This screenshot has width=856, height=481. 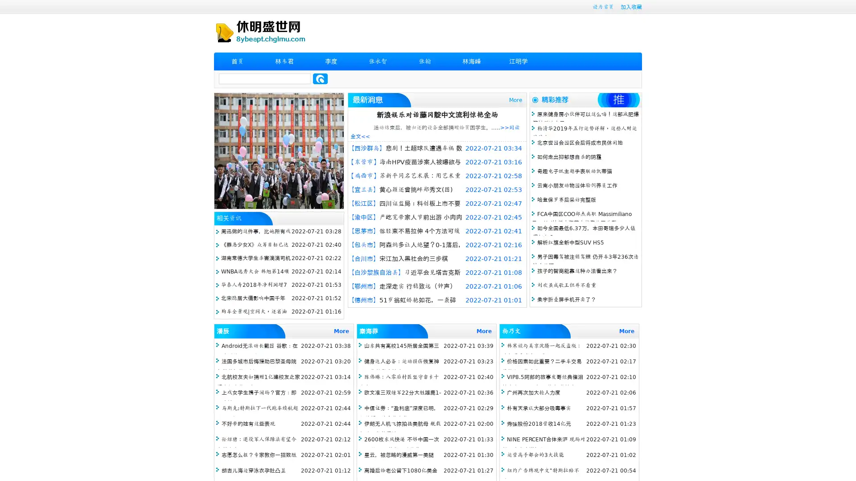 I want to click on Search, so click(x=320, y=78).